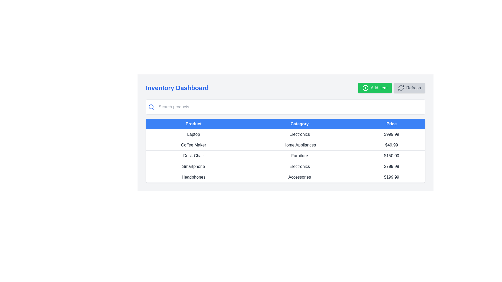 This screenshot has height=282, width=502. I want to click on the refresh button located at the top-right corner of the interface, immediately to the right of the 'Add Item' button, so click(409, 87).